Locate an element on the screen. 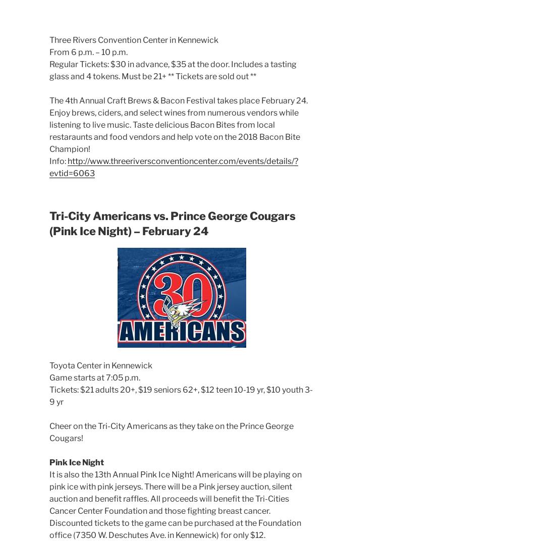  'Cheer on the Tri-City Americans as they take on the Prince George Cougars!' is located at coordinates (171, 431).